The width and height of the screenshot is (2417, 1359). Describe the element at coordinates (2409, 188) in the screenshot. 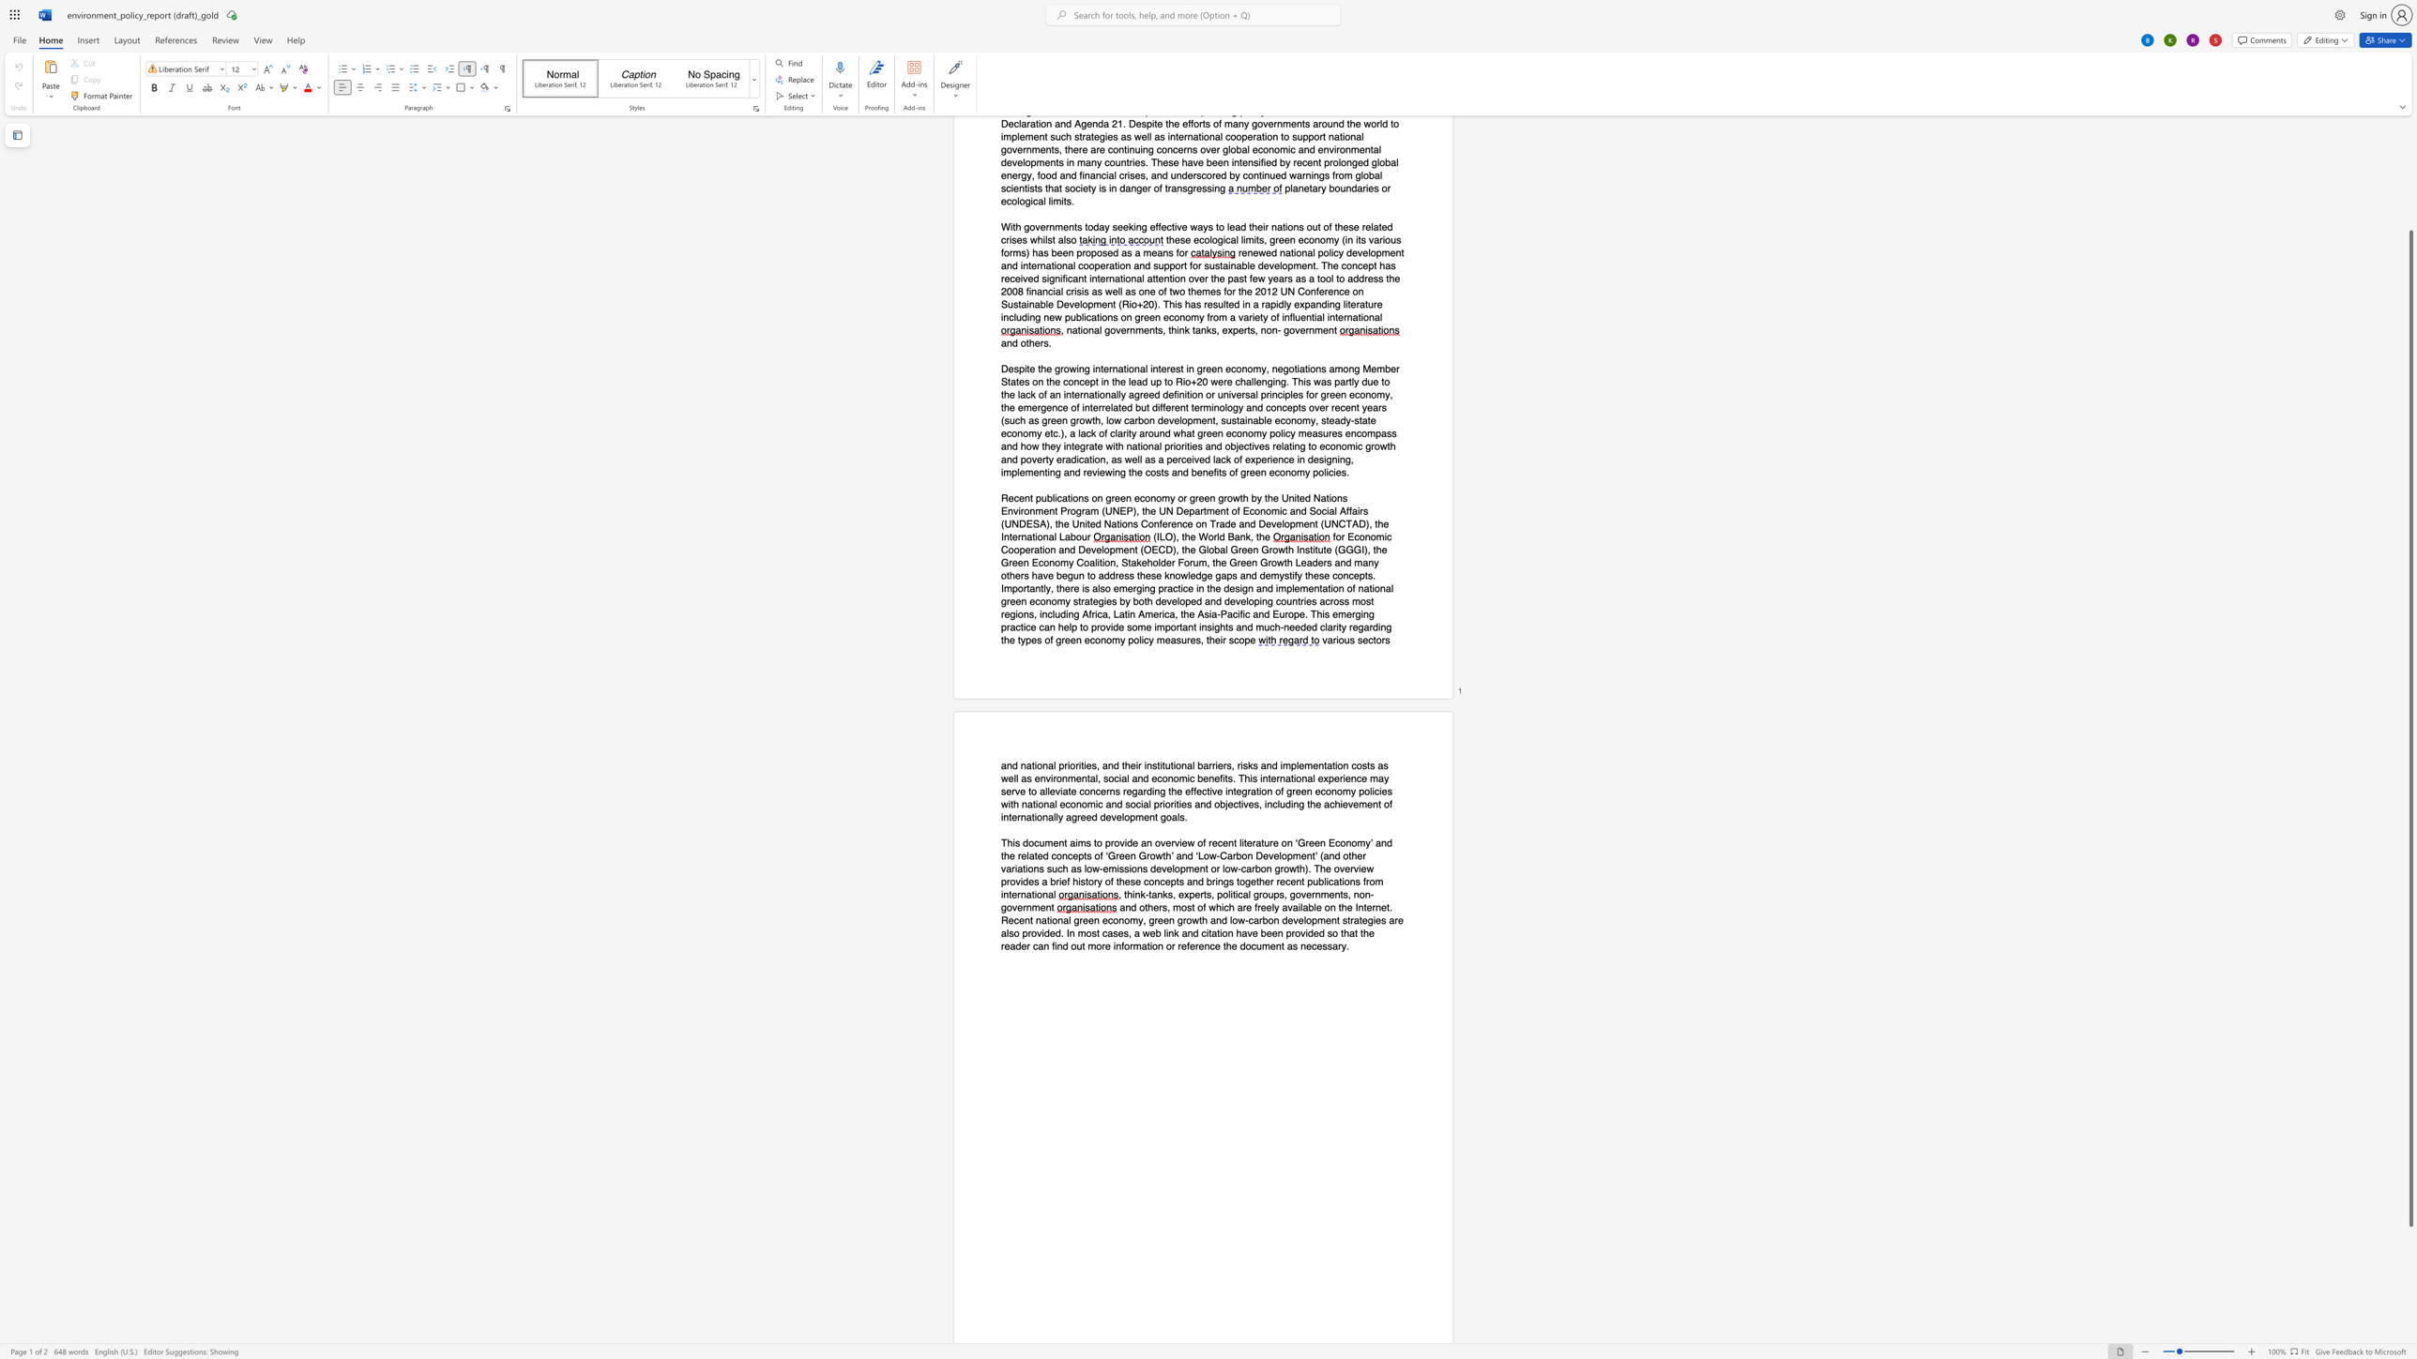

I see `the vertical scrollbar to raise the page content` at that location.